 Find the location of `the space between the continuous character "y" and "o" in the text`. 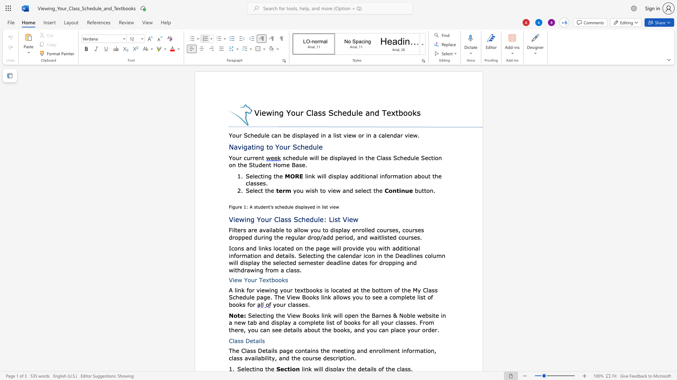

the space between the continuous character "y" and "o" in the text is located at coordinates (296, 190).